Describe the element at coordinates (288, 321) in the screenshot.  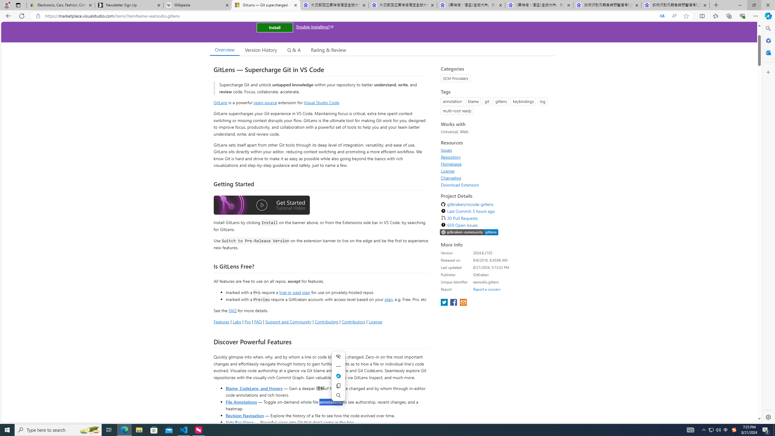
I see `'Support and Community'` at that location.